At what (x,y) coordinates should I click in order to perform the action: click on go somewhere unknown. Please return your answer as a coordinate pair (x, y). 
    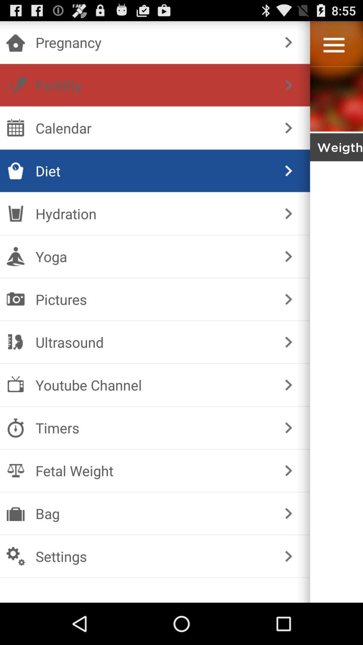
    Looking at the image, I should click on (336, 358).